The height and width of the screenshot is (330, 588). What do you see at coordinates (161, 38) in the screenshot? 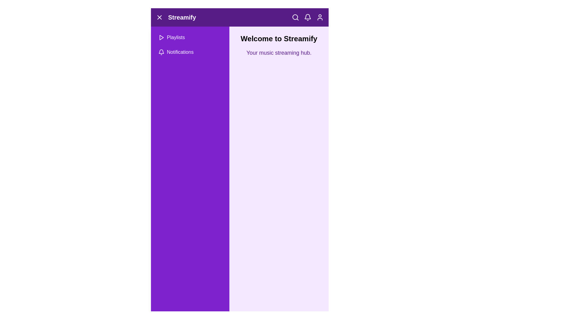
I see `the play icon in the left sidebar, which indicates the 'Playlists' feature and is the first icon in the navigation menu` at bounding box center [161, 38].